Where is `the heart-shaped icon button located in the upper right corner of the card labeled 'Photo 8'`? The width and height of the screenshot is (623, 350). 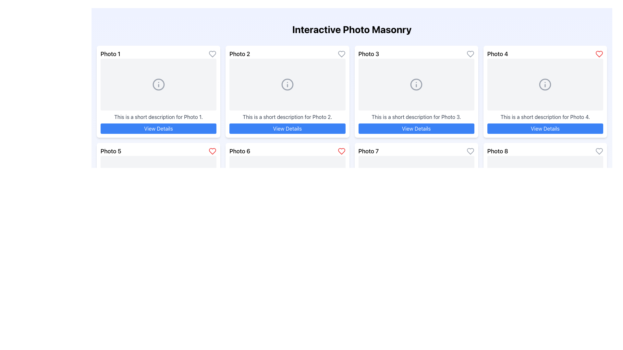
the heart-shaped icon button located in the upper right corner of the card labeled 'Photo 8' is located at coordinates (599, 151).